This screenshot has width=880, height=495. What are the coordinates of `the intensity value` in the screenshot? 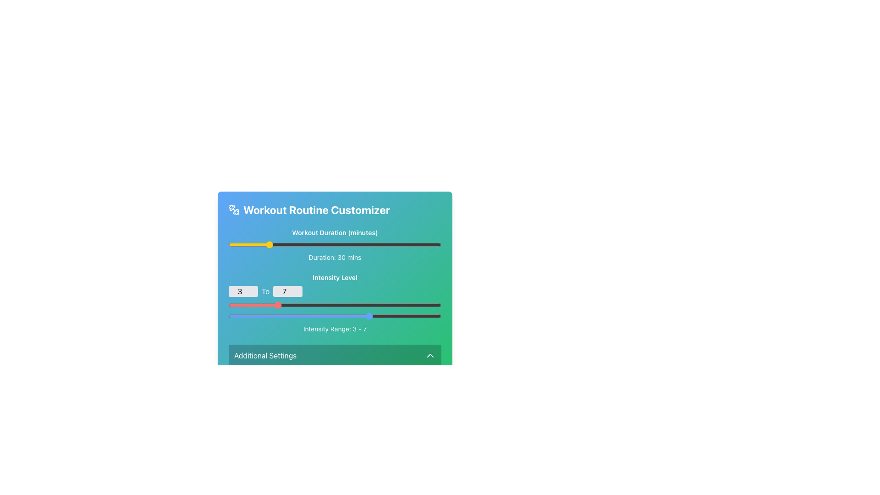 It's located at (323, 316).